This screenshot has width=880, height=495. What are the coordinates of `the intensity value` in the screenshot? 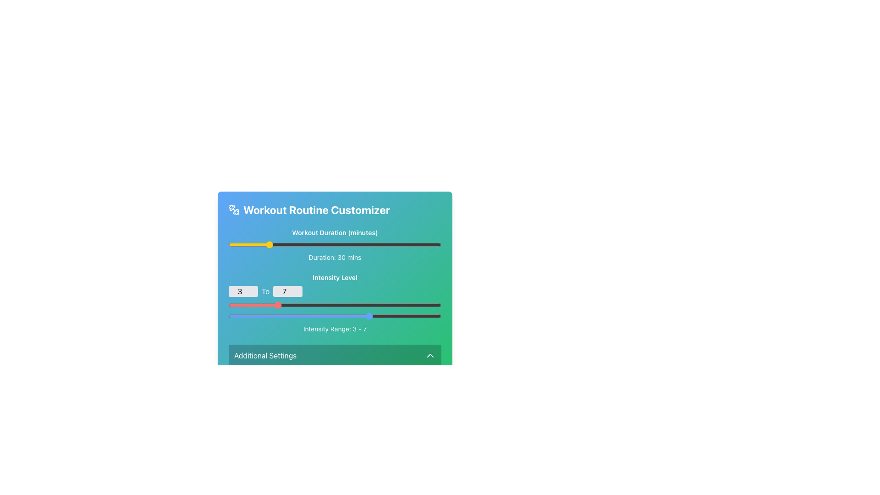 It's located at (323, 316).